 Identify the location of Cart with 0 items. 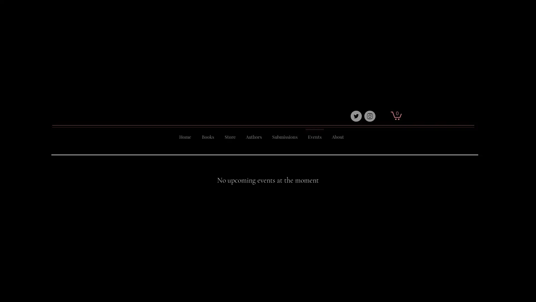
(396, 115).